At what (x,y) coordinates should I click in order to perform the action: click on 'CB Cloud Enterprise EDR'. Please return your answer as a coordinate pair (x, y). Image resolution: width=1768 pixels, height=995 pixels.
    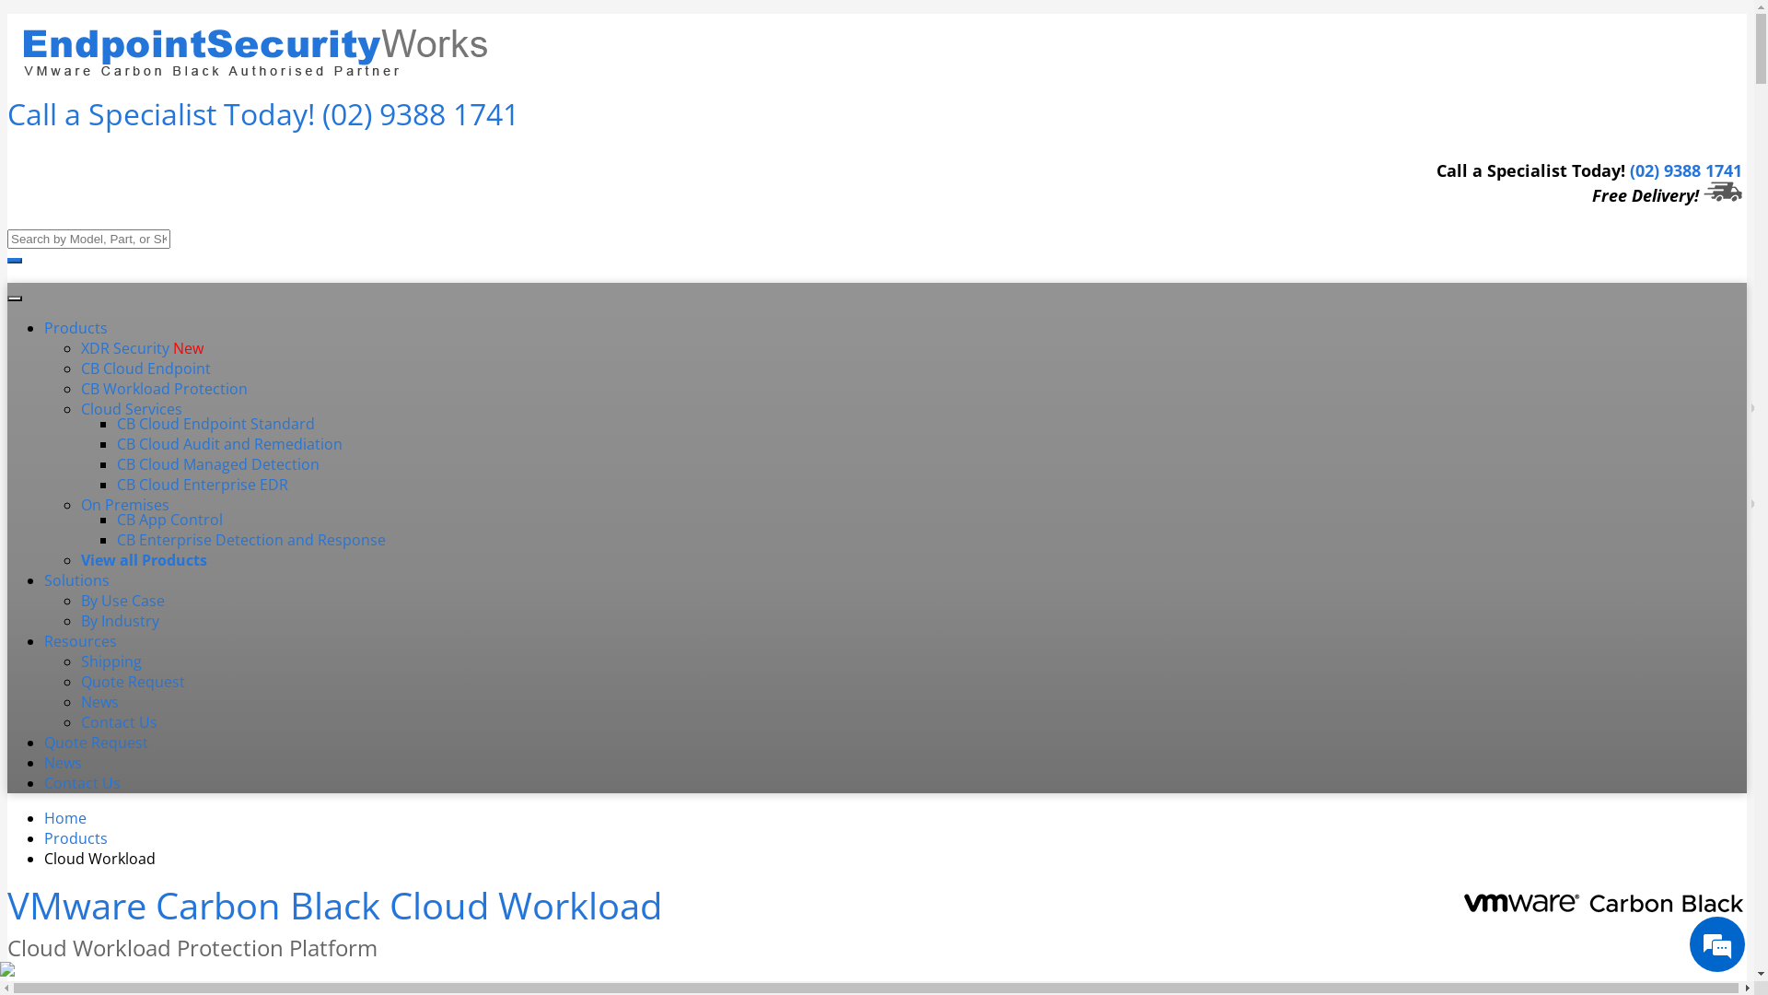
    Looking at the image, I should click on (203, 483).